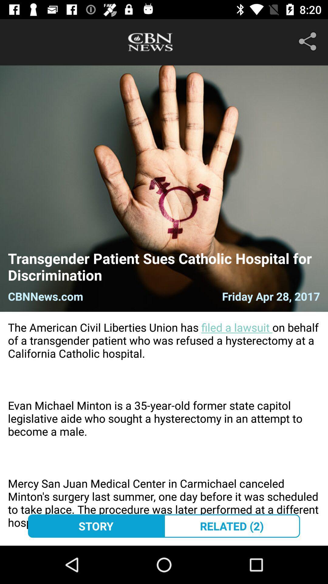  What do you see at coordinates (96, 526) in the screenshot?
I see `icon next to the related (2)` at bounding box center [96, 526].